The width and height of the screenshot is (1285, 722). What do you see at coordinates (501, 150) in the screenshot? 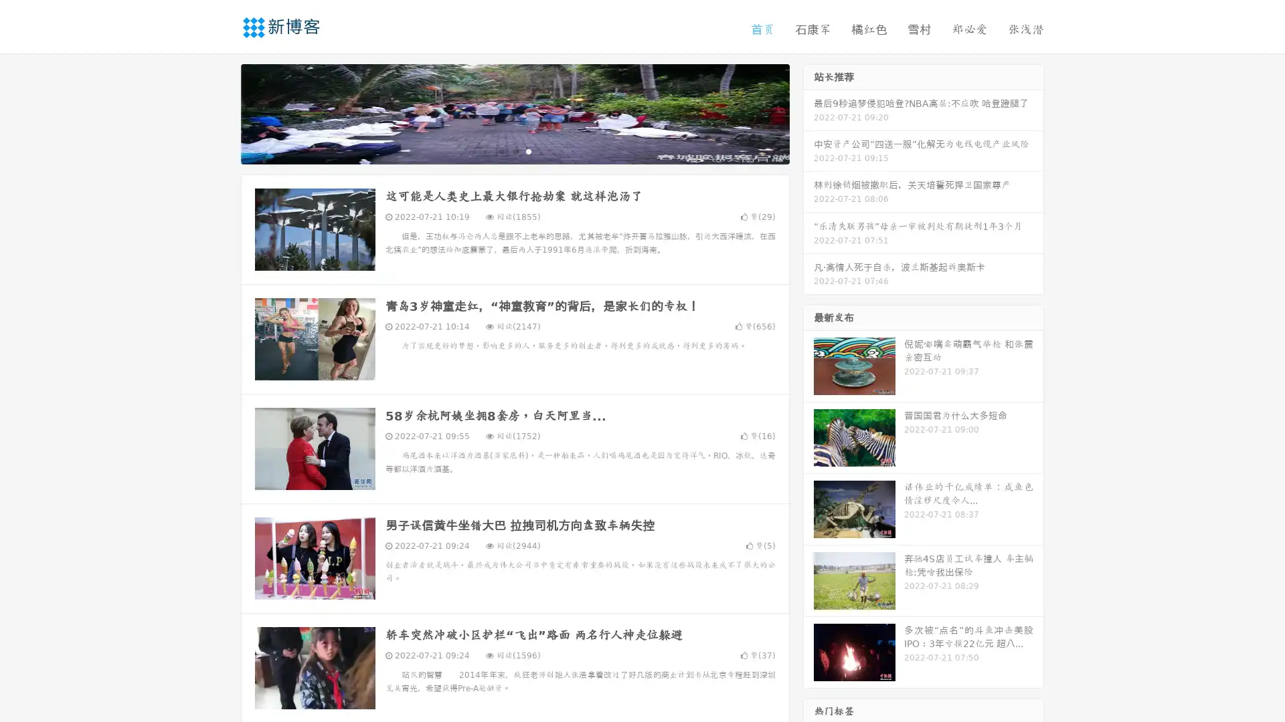
I see `Go to slide 1` at bounding box center [501, 150].